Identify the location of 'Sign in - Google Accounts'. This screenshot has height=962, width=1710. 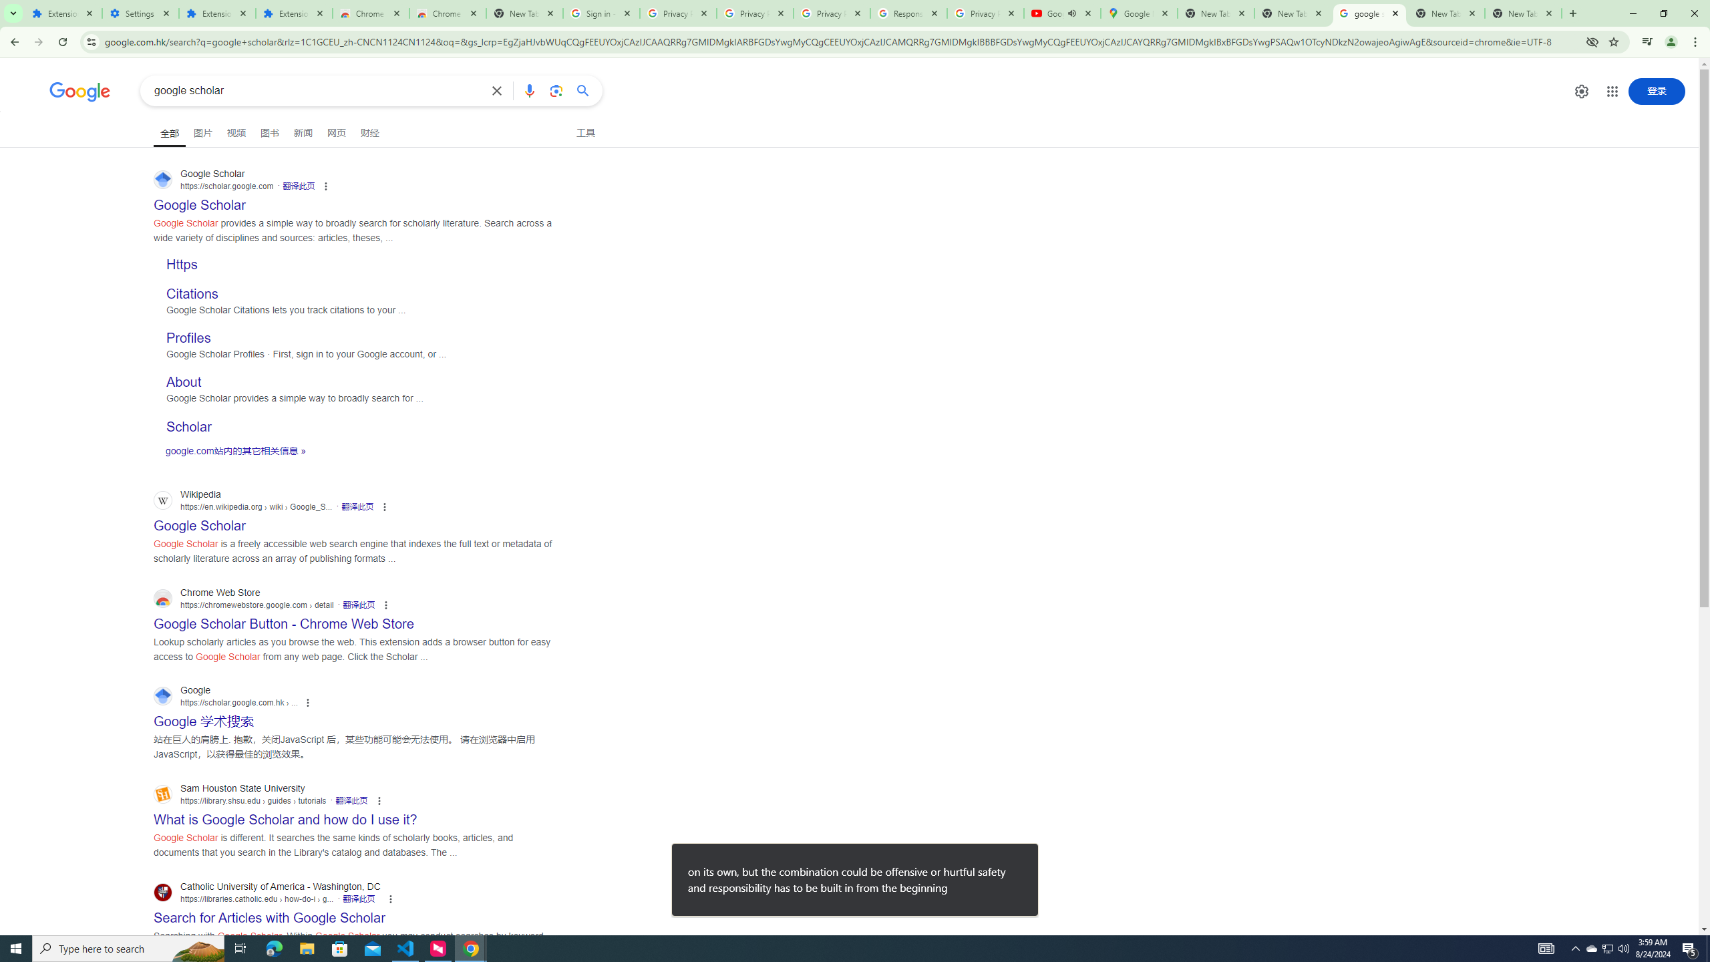
(601, 13).